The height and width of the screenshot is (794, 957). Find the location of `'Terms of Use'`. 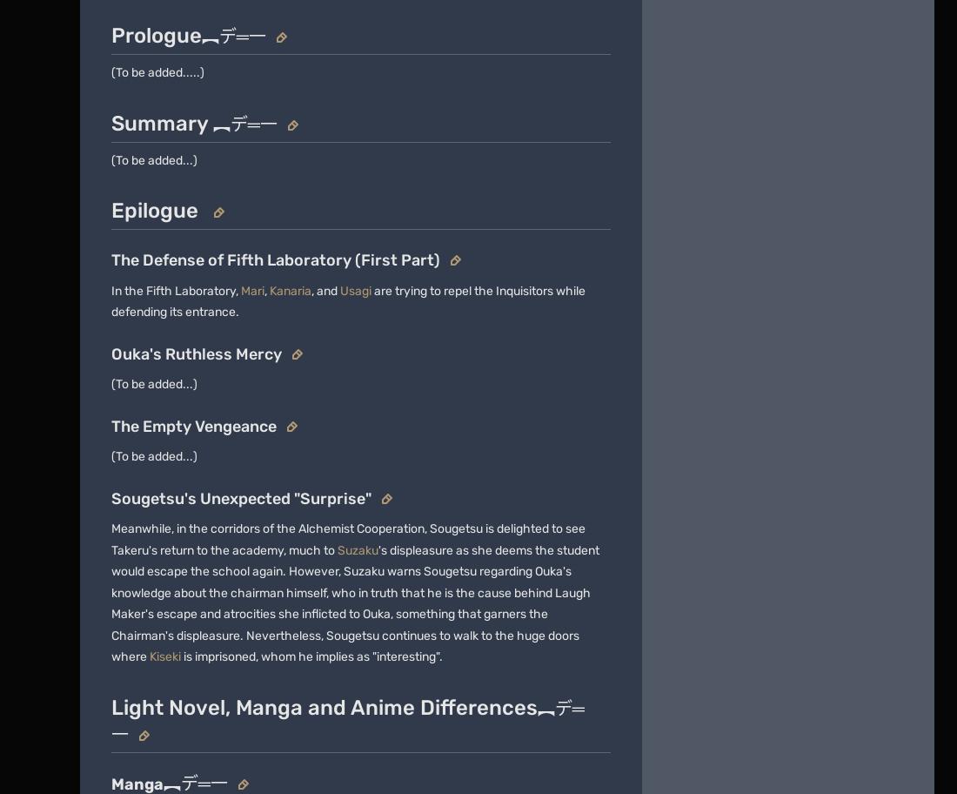

'Terms of Use' is located at coordinates (296, 379).